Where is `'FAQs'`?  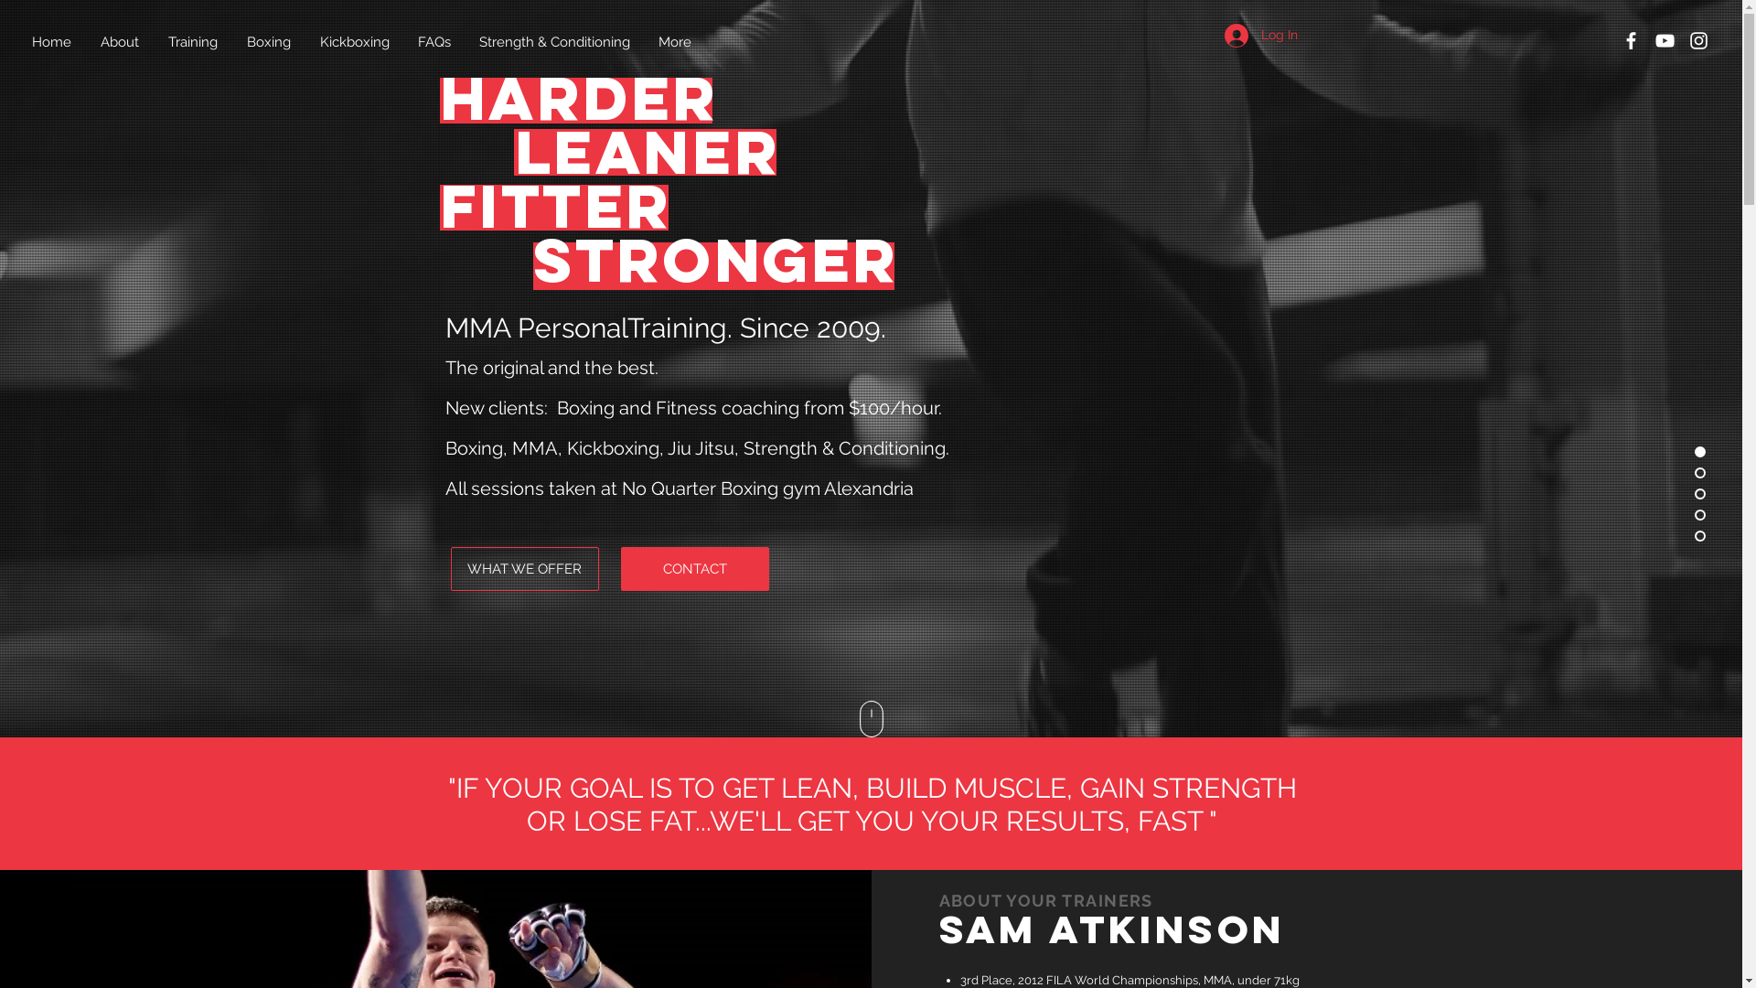 'FAQs' is located at coordinates (434, 41).